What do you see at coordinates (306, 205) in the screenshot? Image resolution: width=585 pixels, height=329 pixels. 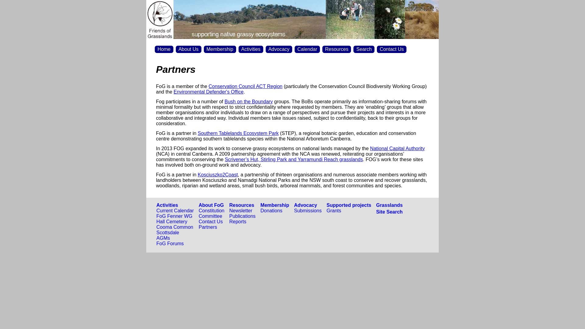 I see `'Advocacy'` at bounding box center [306, 205].